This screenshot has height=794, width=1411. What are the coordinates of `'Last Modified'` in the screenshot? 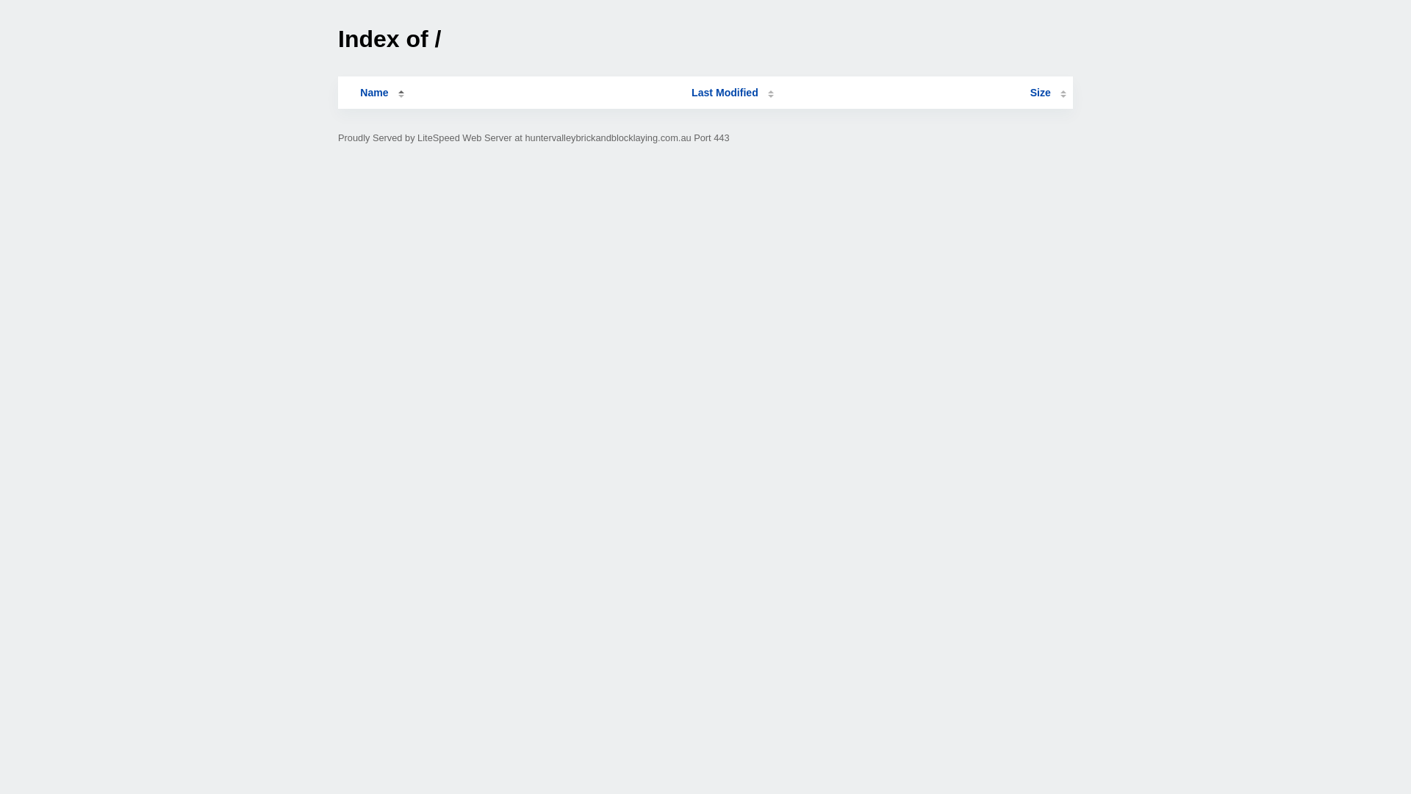 It's located at (690, 93).